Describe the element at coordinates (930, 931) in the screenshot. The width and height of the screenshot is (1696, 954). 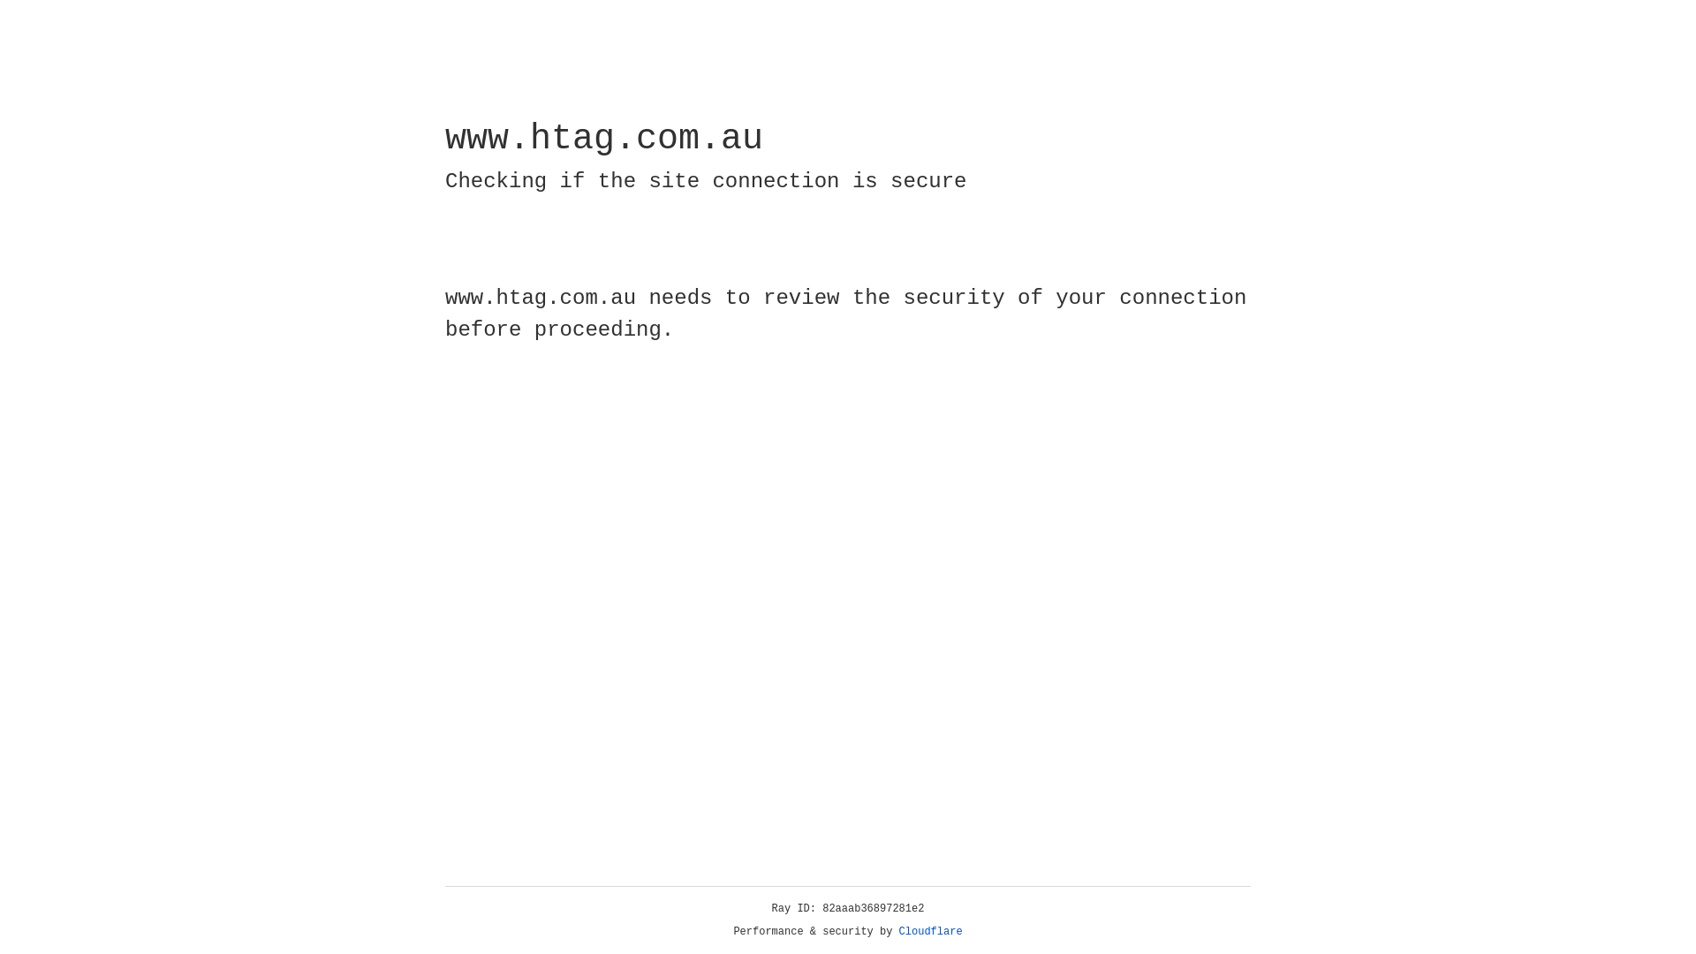
I see `'Cloudflare'` at that location.